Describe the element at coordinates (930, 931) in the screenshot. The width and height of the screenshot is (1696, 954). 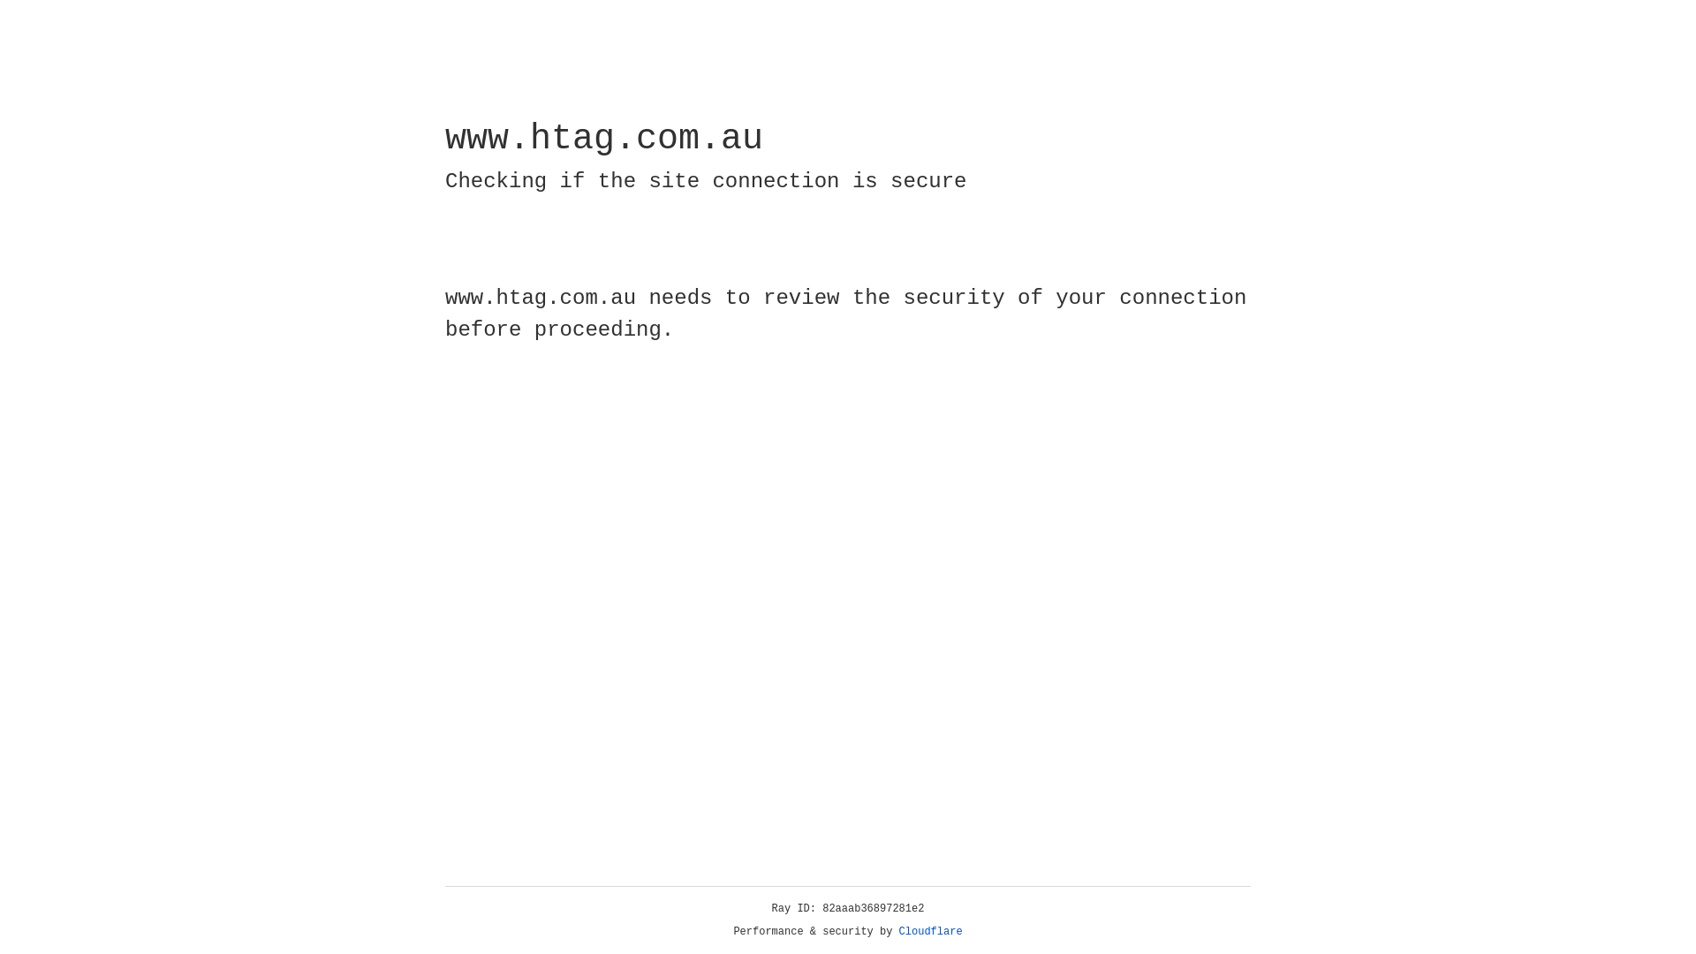
I see `'Cloudflare'` at that location.